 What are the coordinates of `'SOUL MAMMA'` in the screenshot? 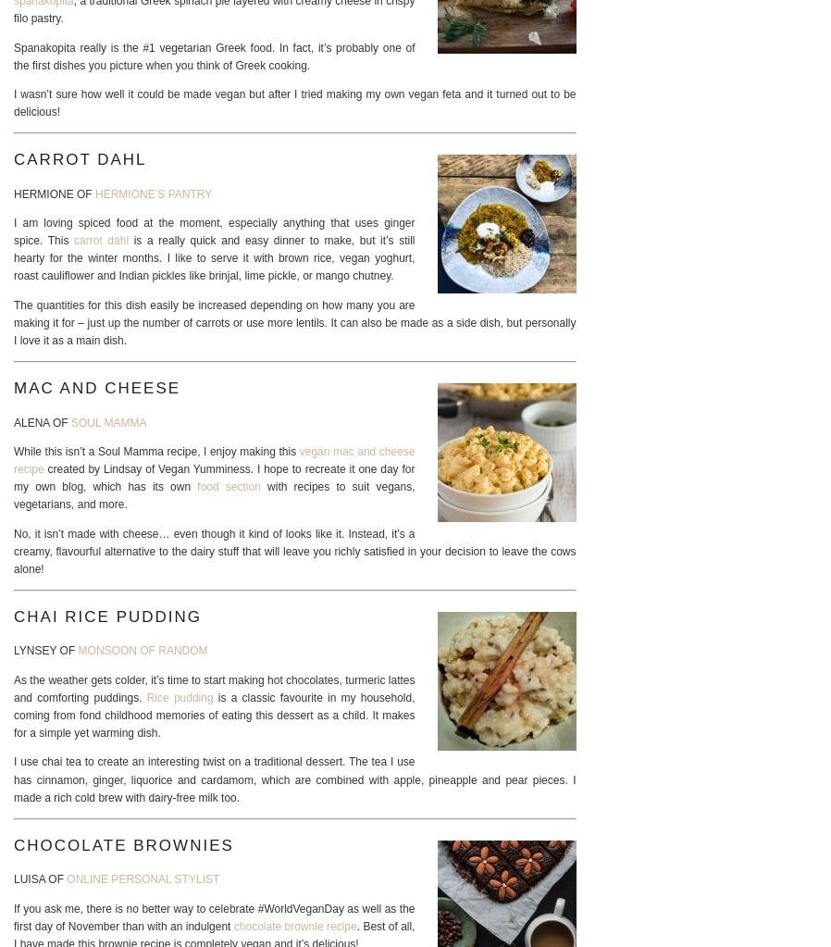 It's located at (107, 420).